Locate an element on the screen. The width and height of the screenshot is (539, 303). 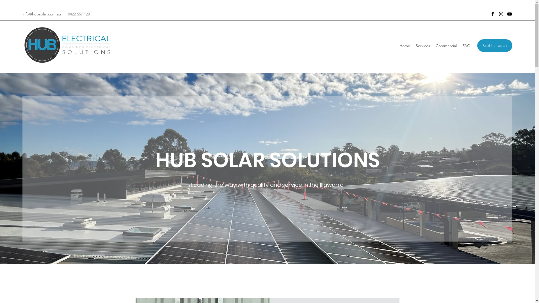
'FAQ' is located at coordinates (466, 45).